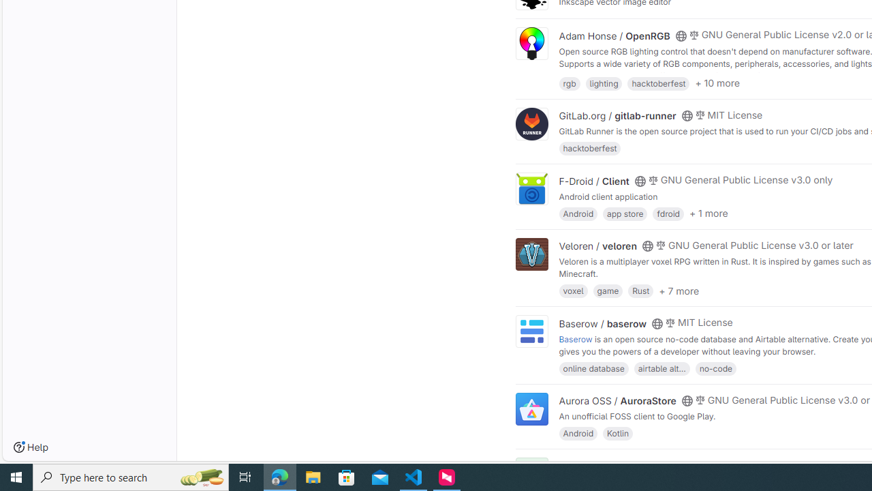 This screenshot has height=491, width=872. What do you see at coordinates (679, 289) in the screenshot?
I see `'+ 7 more'` at bounding box center [679, 289].